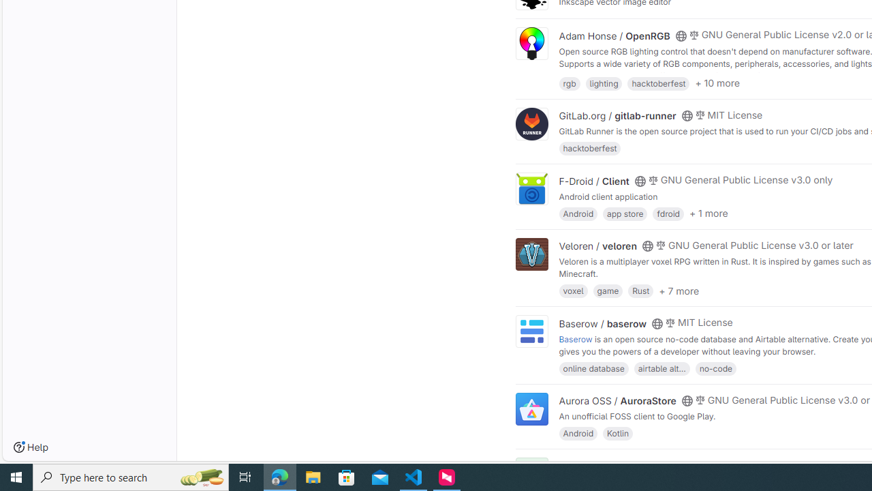 This screenshot has height=491, width=872. What do you see at coordinates (679, 289) in the screenshot?
I see `'+ 7 more'` at bounding box center [679, 289].